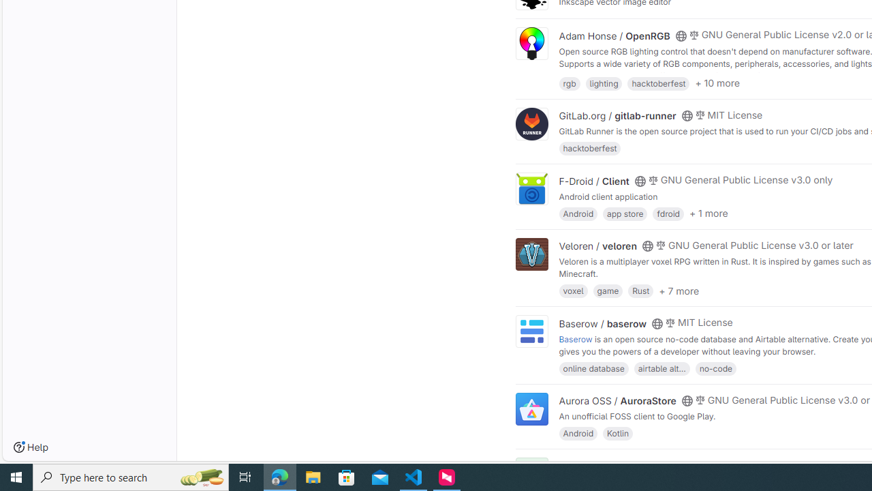 This screenshot has height=491, width=872. What do you see at coordinates (679, 289) in the screenshot?
I see `'+ 7 more'` at bounding box center [679, 289].